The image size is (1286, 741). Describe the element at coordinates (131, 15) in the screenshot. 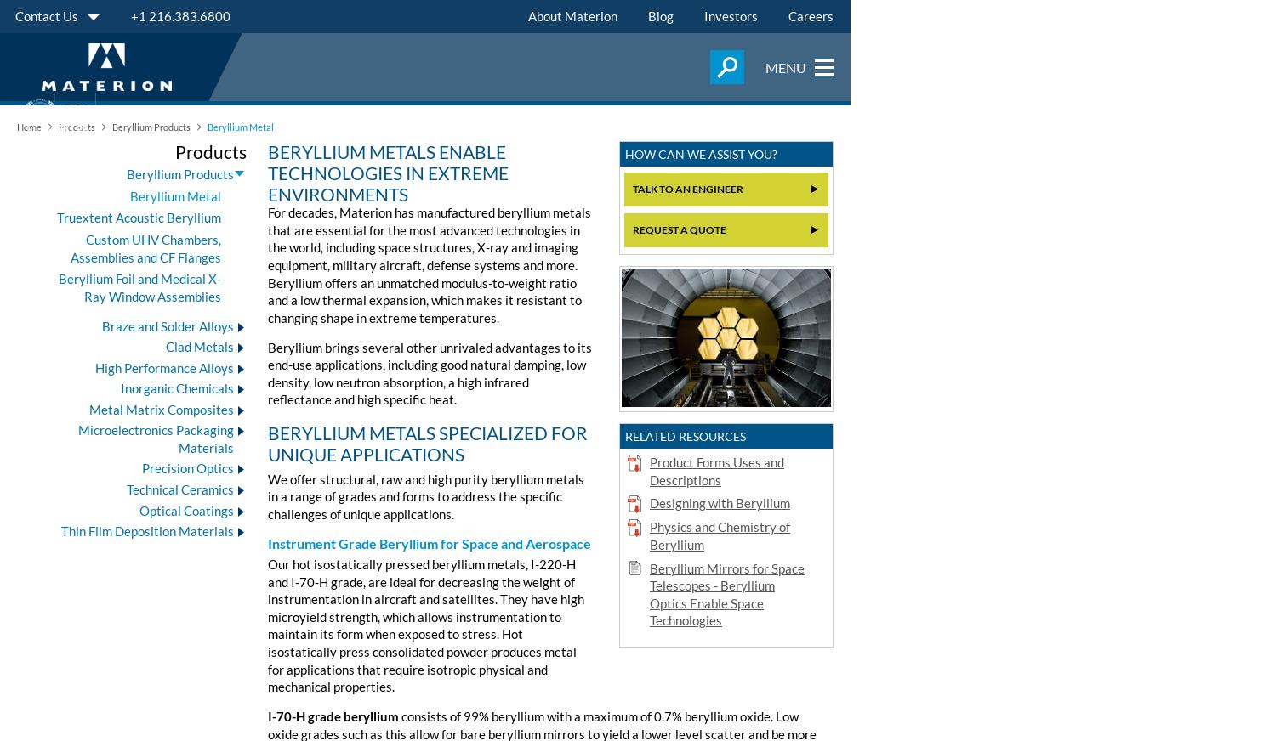

I see `'+1 216.383.6800'` at that location.